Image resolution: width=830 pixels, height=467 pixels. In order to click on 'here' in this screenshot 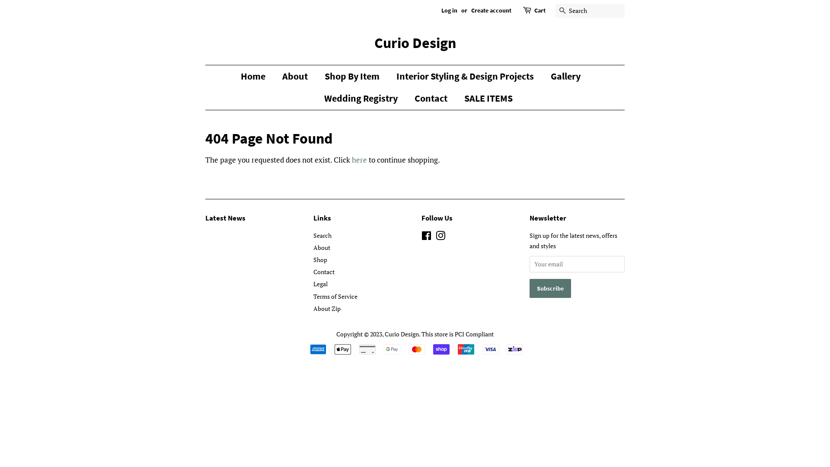, I will do `click(359, 160)`.